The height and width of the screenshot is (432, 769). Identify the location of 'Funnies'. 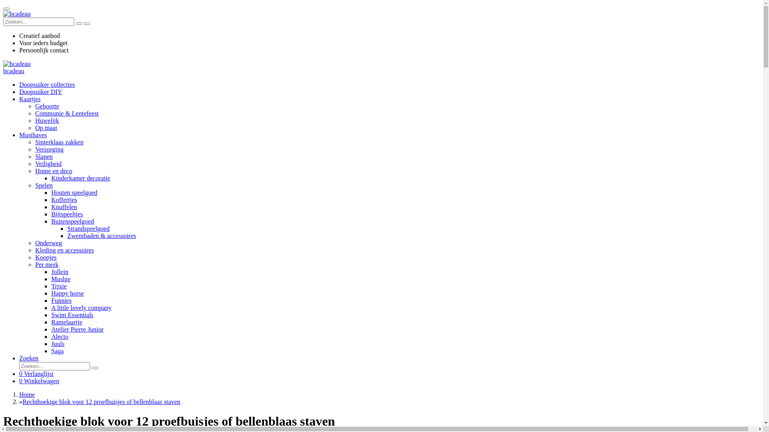
(51, 300).